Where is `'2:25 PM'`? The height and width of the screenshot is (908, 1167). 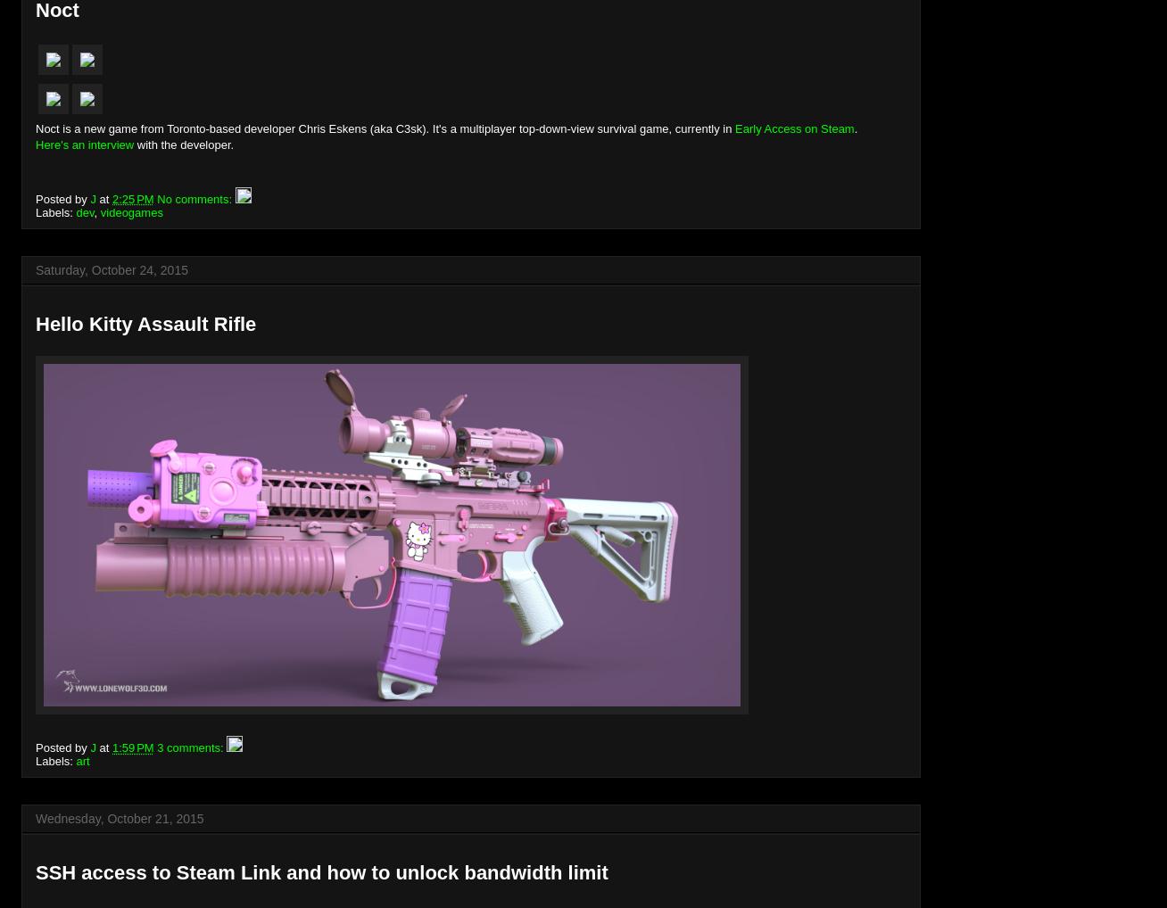 '2:25 PM' is located at coordinates (131, 197).